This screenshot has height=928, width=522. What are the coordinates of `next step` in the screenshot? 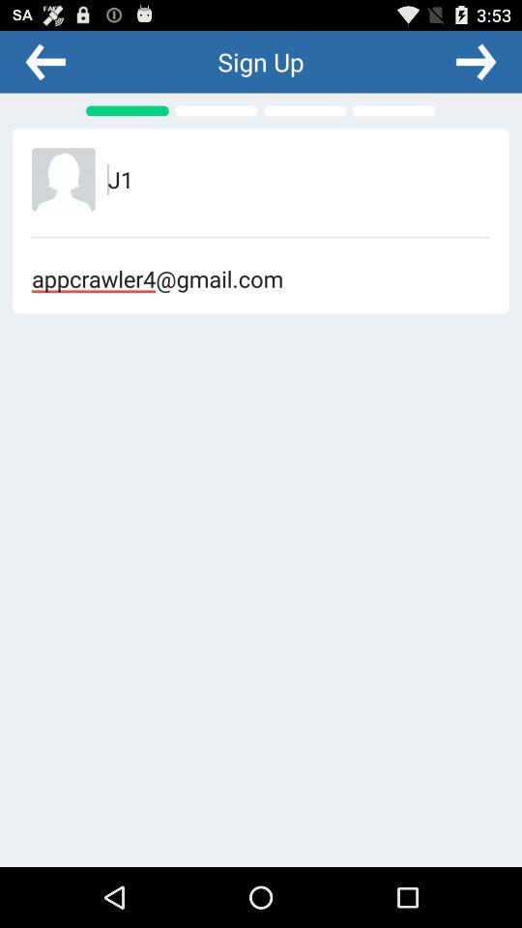 It's located at (475, 61).